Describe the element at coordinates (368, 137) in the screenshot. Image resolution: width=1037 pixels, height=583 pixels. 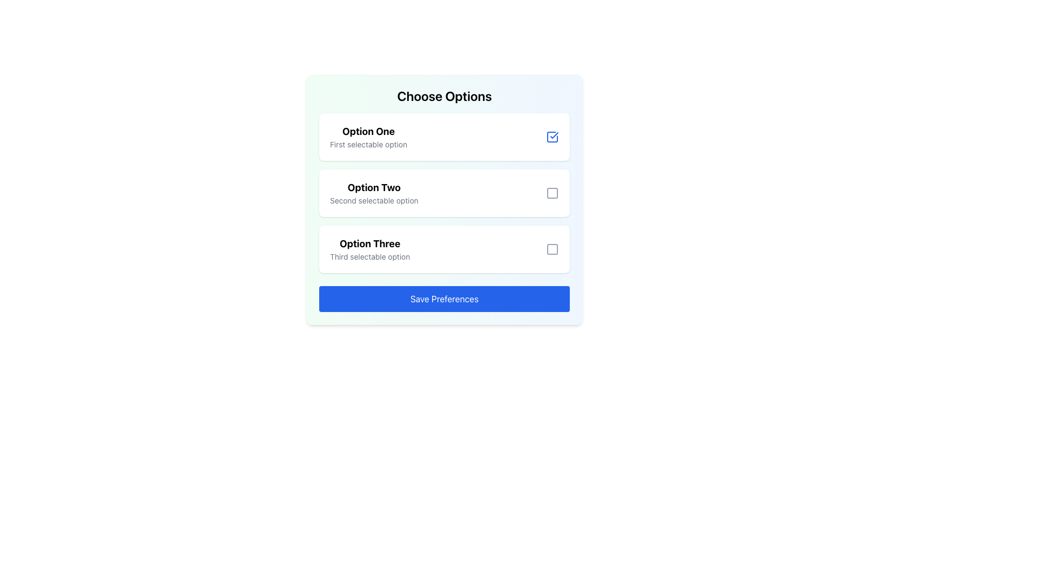
I see `information displayed on the A text label component that shows 'Option One' and 'First selectable option' in a white box, located beneath the 'Choose Options' heading` at that location.